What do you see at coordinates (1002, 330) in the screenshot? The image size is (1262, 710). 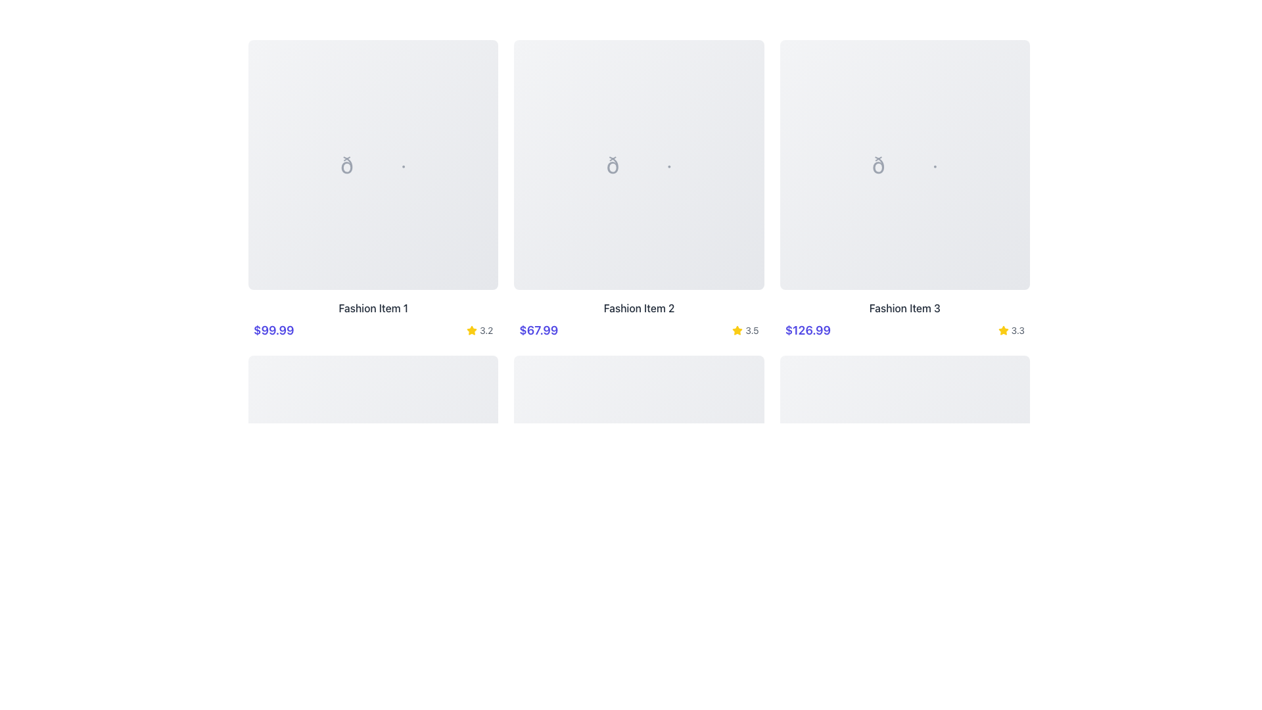 I see `the yellow star icon, which is part of the rating display for 'Fashion Item 3', located to the left of the number '3.3'` at bounding box center [1002, 330].